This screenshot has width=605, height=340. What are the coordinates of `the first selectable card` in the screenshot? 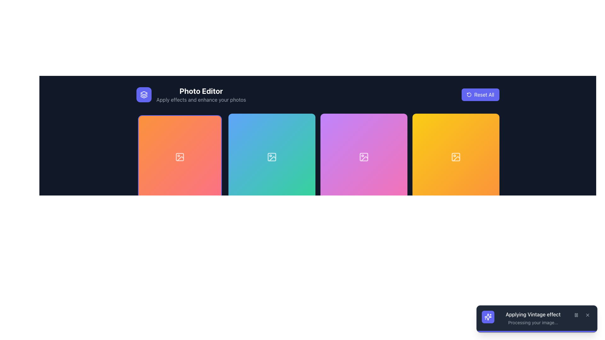 It's located at (179, 156).